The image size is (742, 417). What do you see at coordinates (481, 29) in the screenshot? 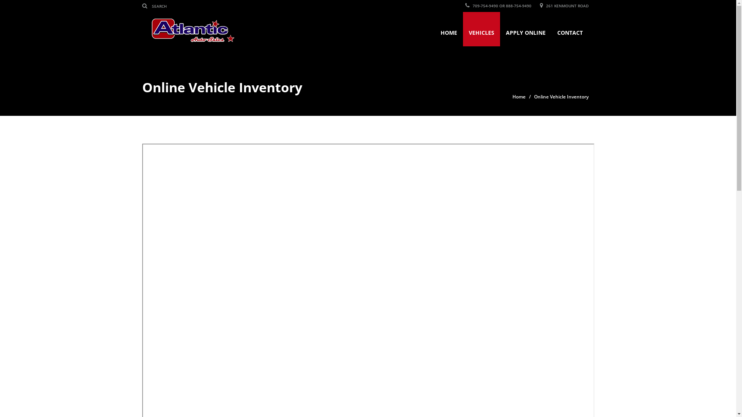
I see `'VEHICLES'` at bounding box center [481, 29].